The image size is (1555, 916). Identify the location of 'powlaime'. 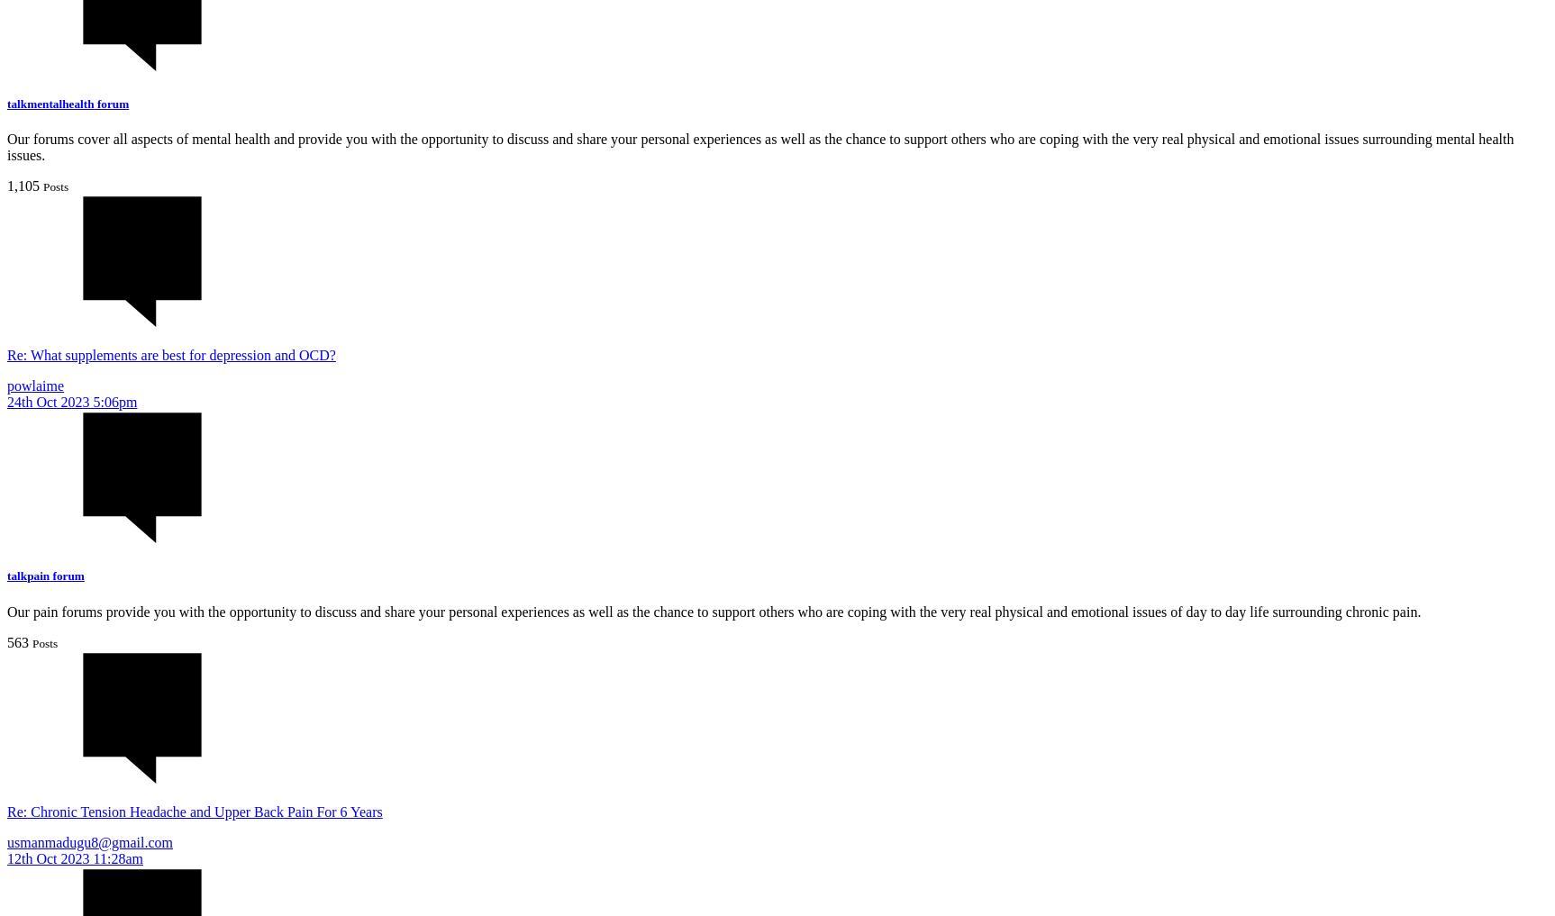
(35, 385).